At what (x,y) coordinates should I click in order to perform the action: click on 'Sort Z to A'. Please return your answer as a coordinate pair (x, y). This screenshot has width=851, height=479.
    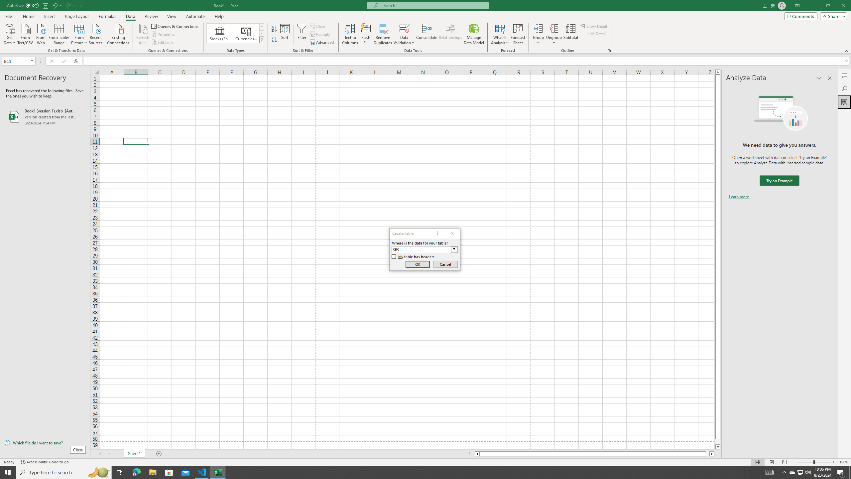
    Looking at the image, I should click on (274, 39).